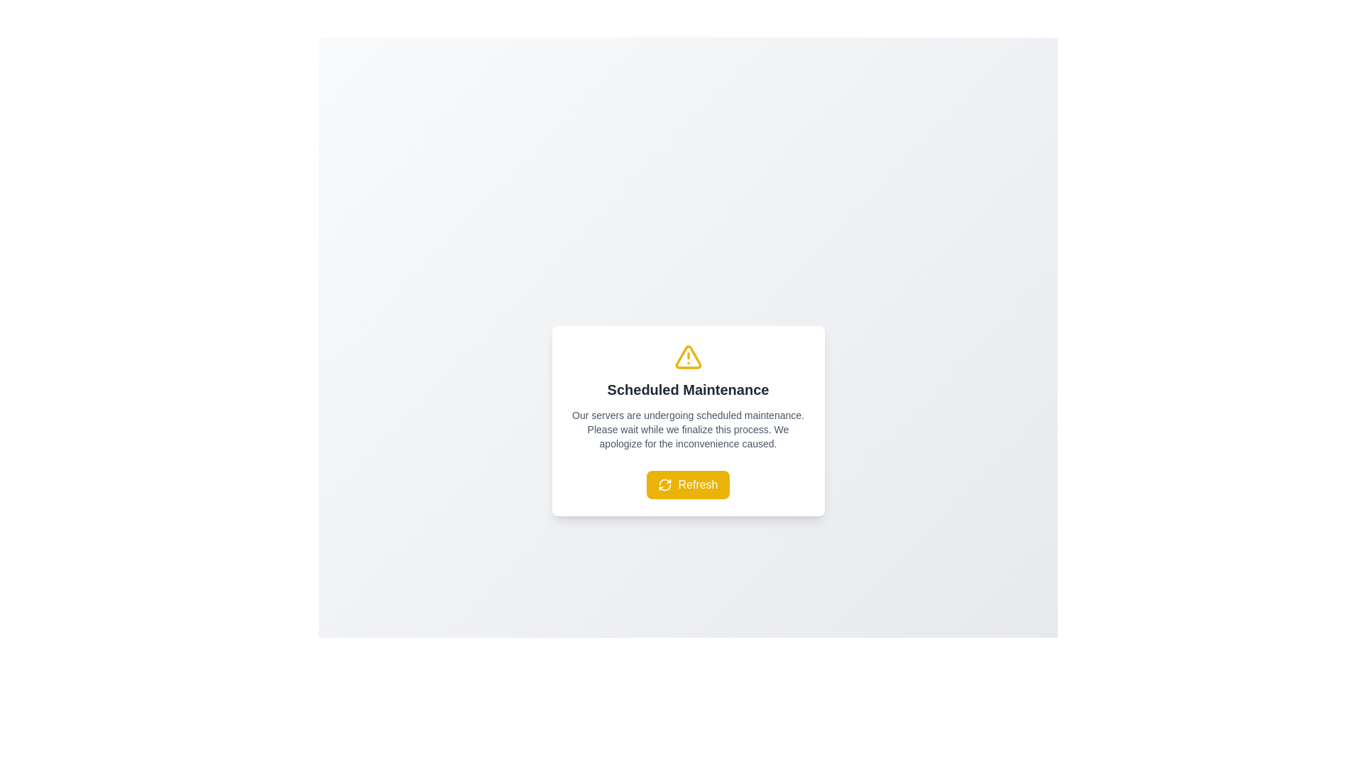 The width and height of the screenshot is (1363, 767). I want to click on the informative text block regarding the maintenance status of the servers, which is positioned below the 'Scheduled Maintenance' title and above the 'Refresh' button, so click(688, 429).